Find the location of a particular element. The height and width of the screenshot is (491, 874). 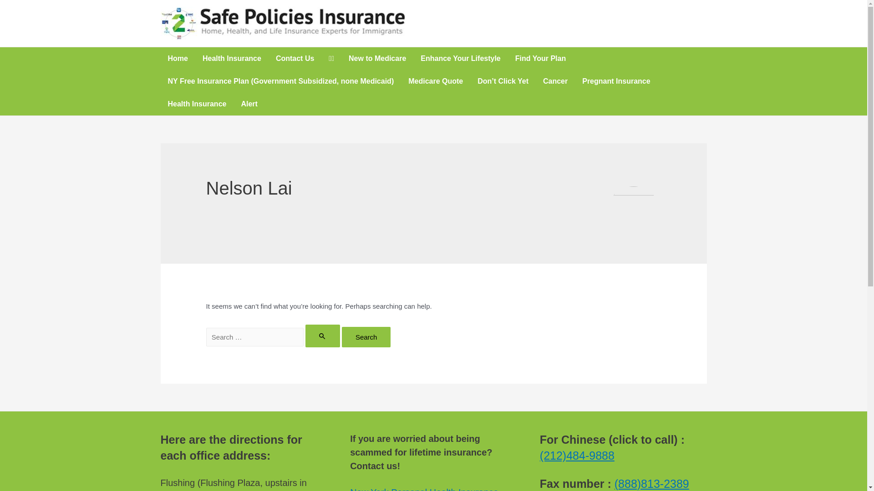

'Search' is located at coordinates (366, 337).